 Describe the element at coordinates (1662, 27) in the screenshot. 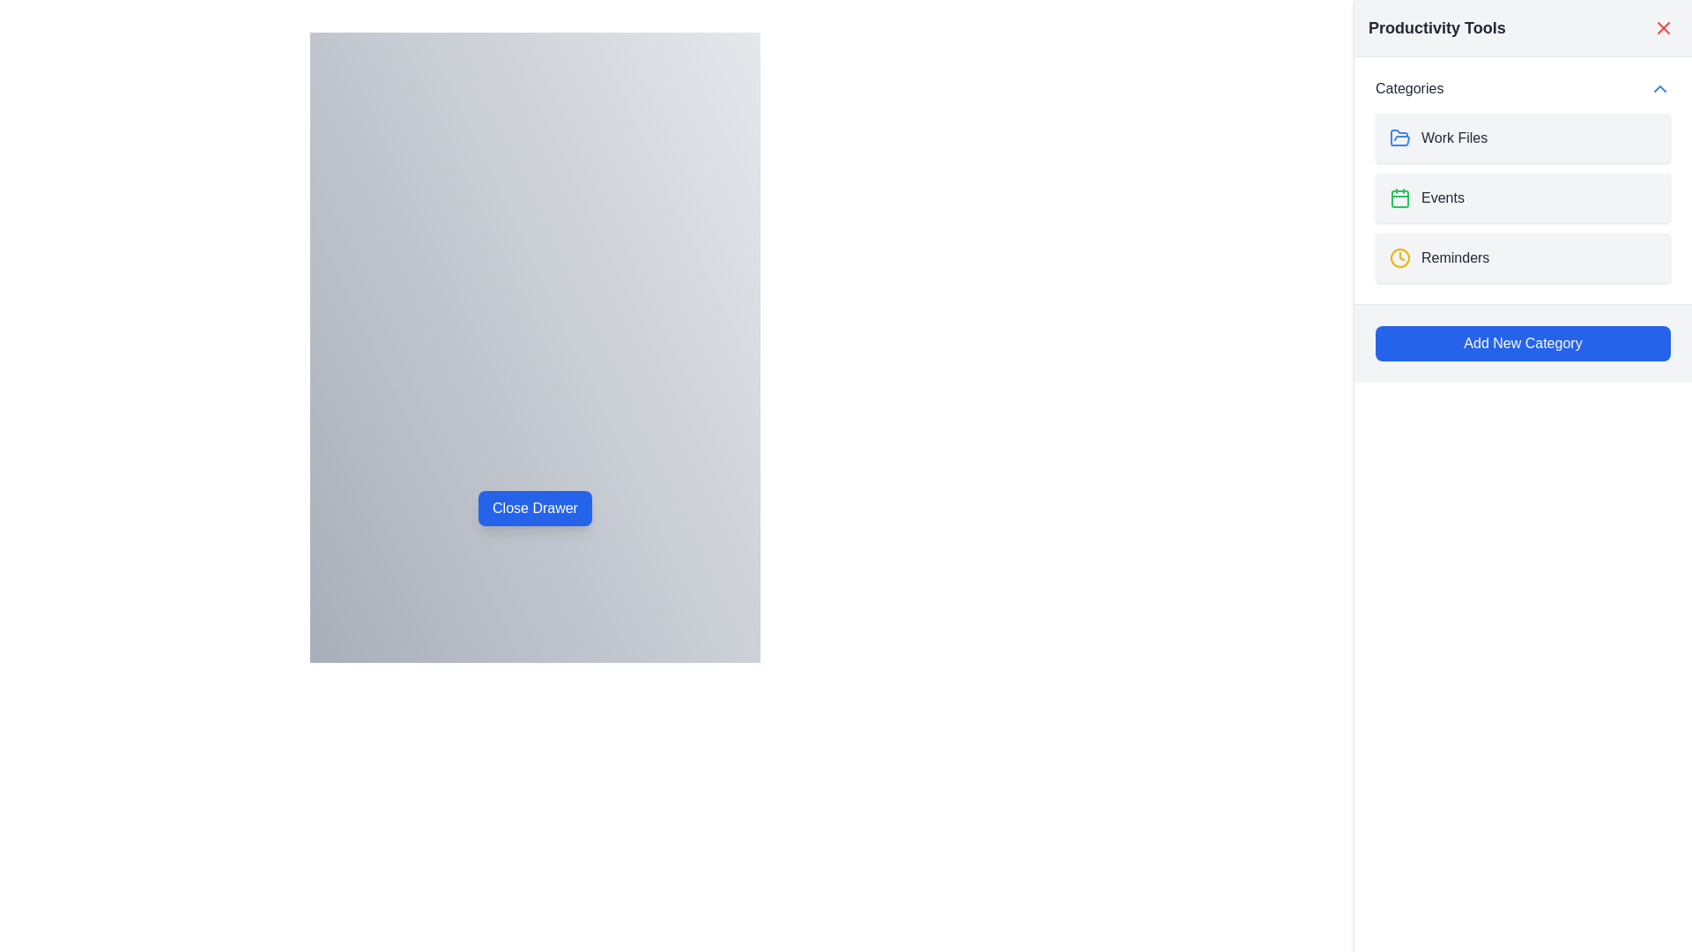

I see `the small red cross icon button located at the top-right corner of the 'Productivity Tools' panel` at that location.